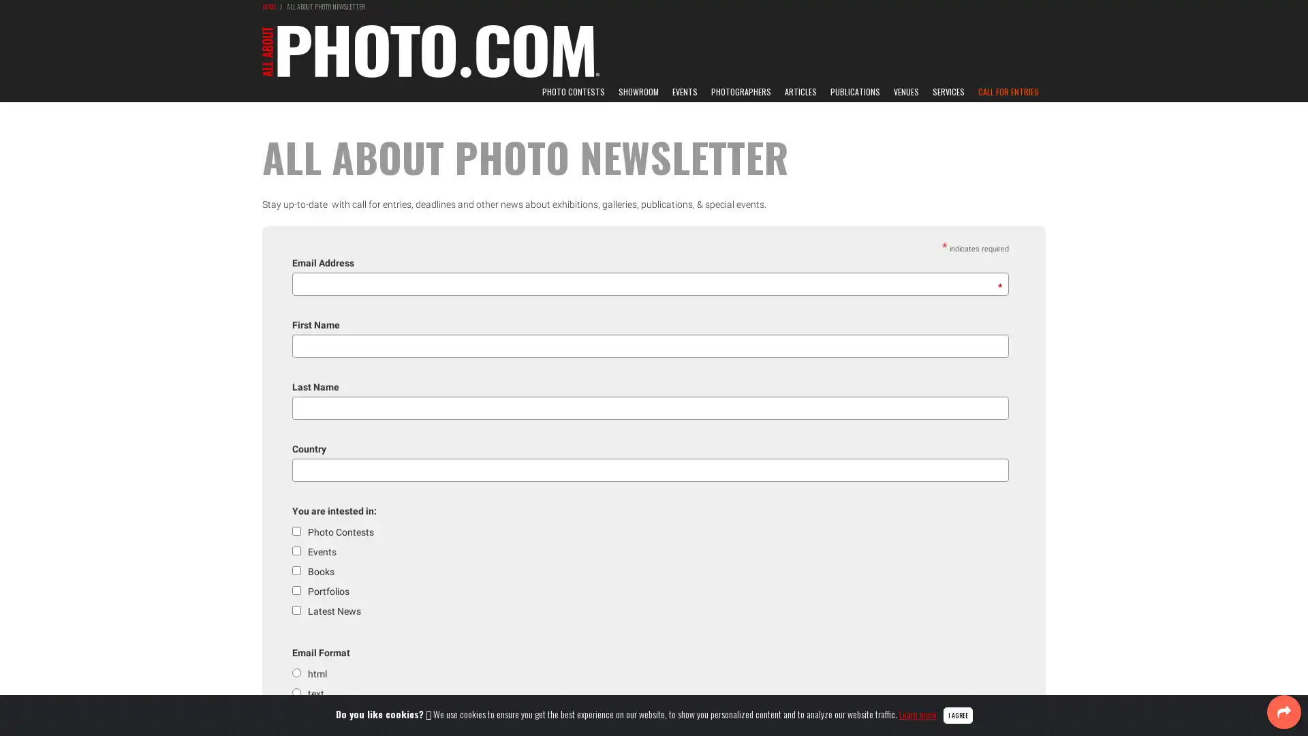 This screenshot has height=736, width=1308. What do you see at coordinates (685, 92) in the screenshot?
I see `EVENTS` at bounding box center [685, 92].